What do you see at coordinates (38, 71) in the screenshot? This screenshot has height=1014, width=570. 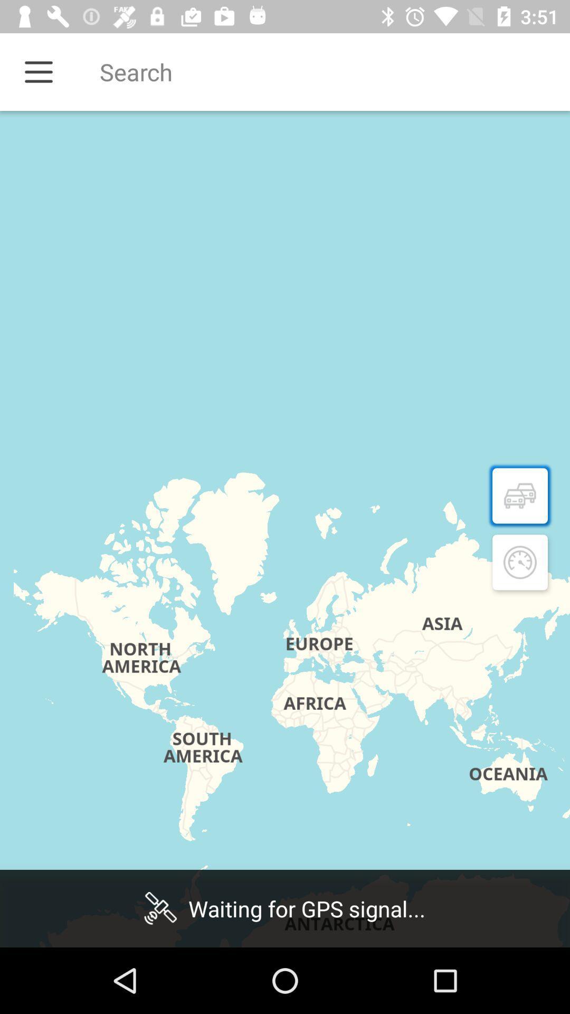 I see `menu icon` at bounding box center [38, 71].